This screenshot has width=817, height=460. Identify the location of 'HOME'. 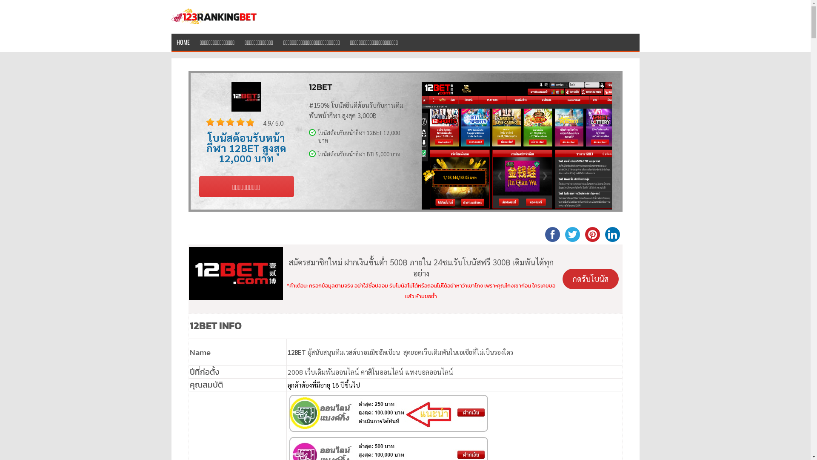
(182, 41).